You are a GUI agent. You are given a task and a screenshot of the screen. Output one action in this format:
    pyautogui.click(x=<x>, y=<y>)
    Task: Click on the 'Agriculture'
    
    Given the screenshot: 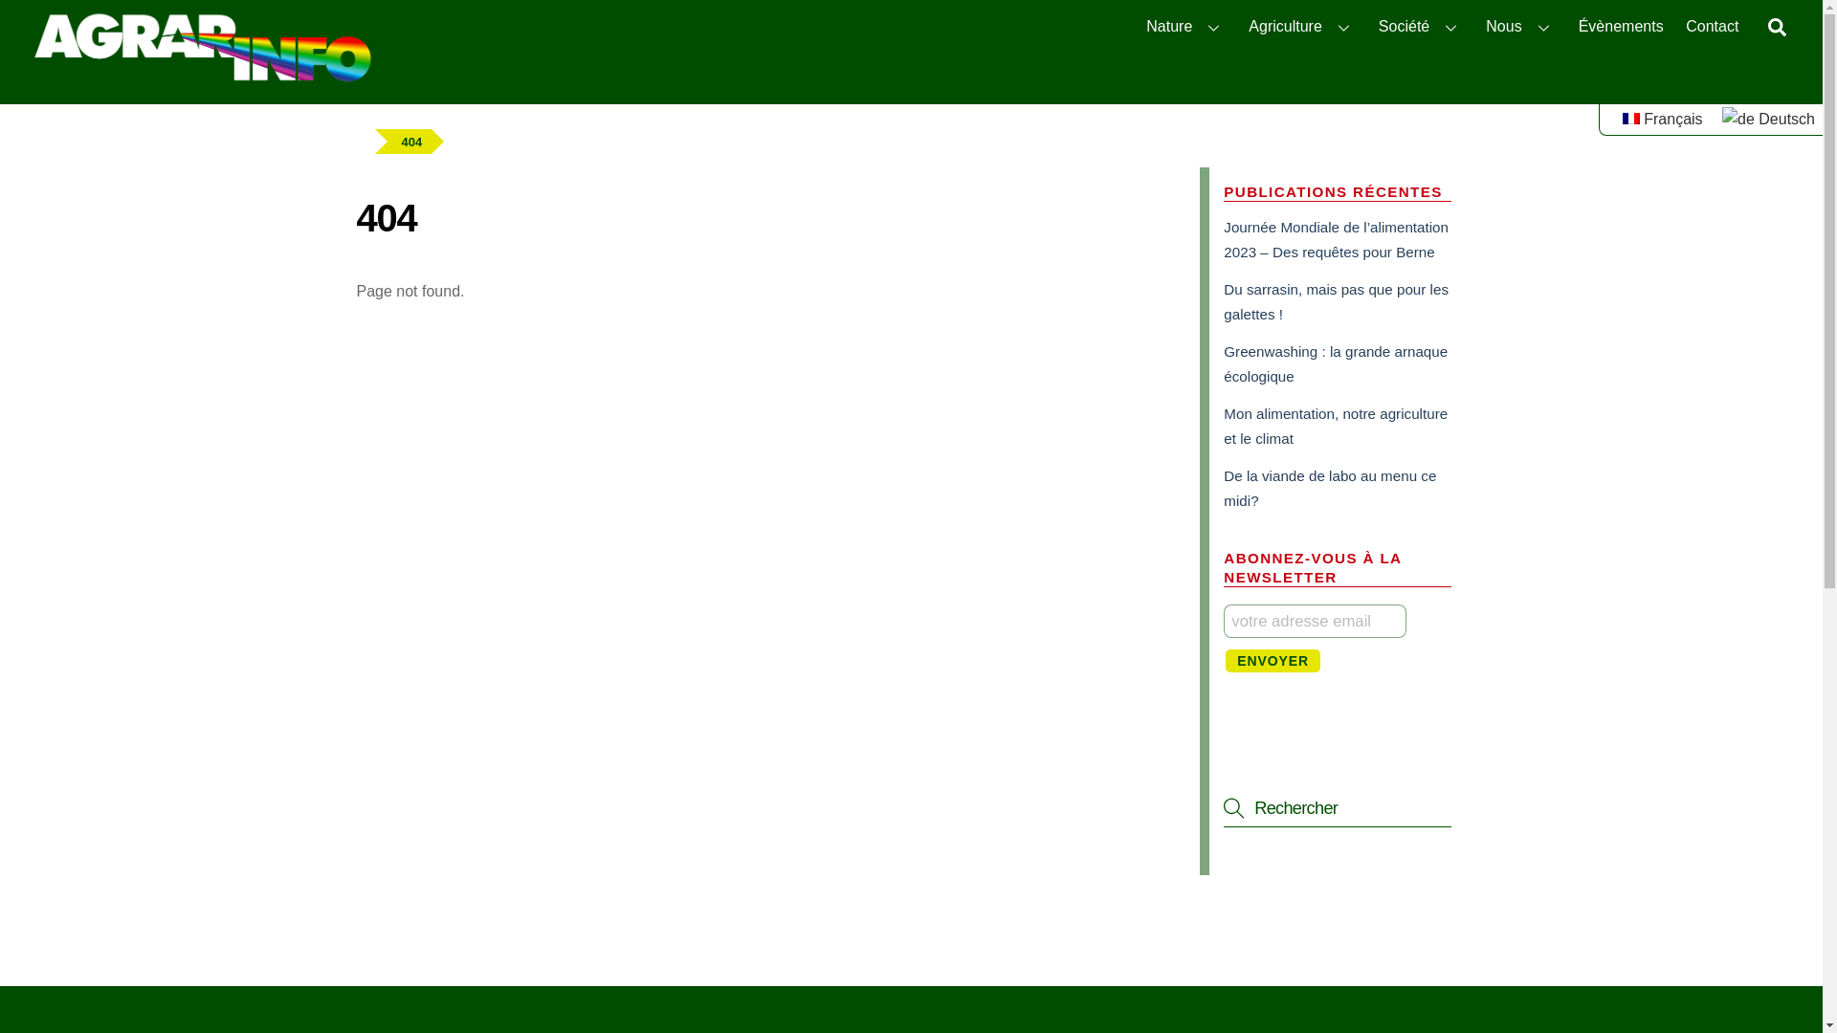 What is the action you would take?
    pyautogui.click(x=1301, y=26)
    